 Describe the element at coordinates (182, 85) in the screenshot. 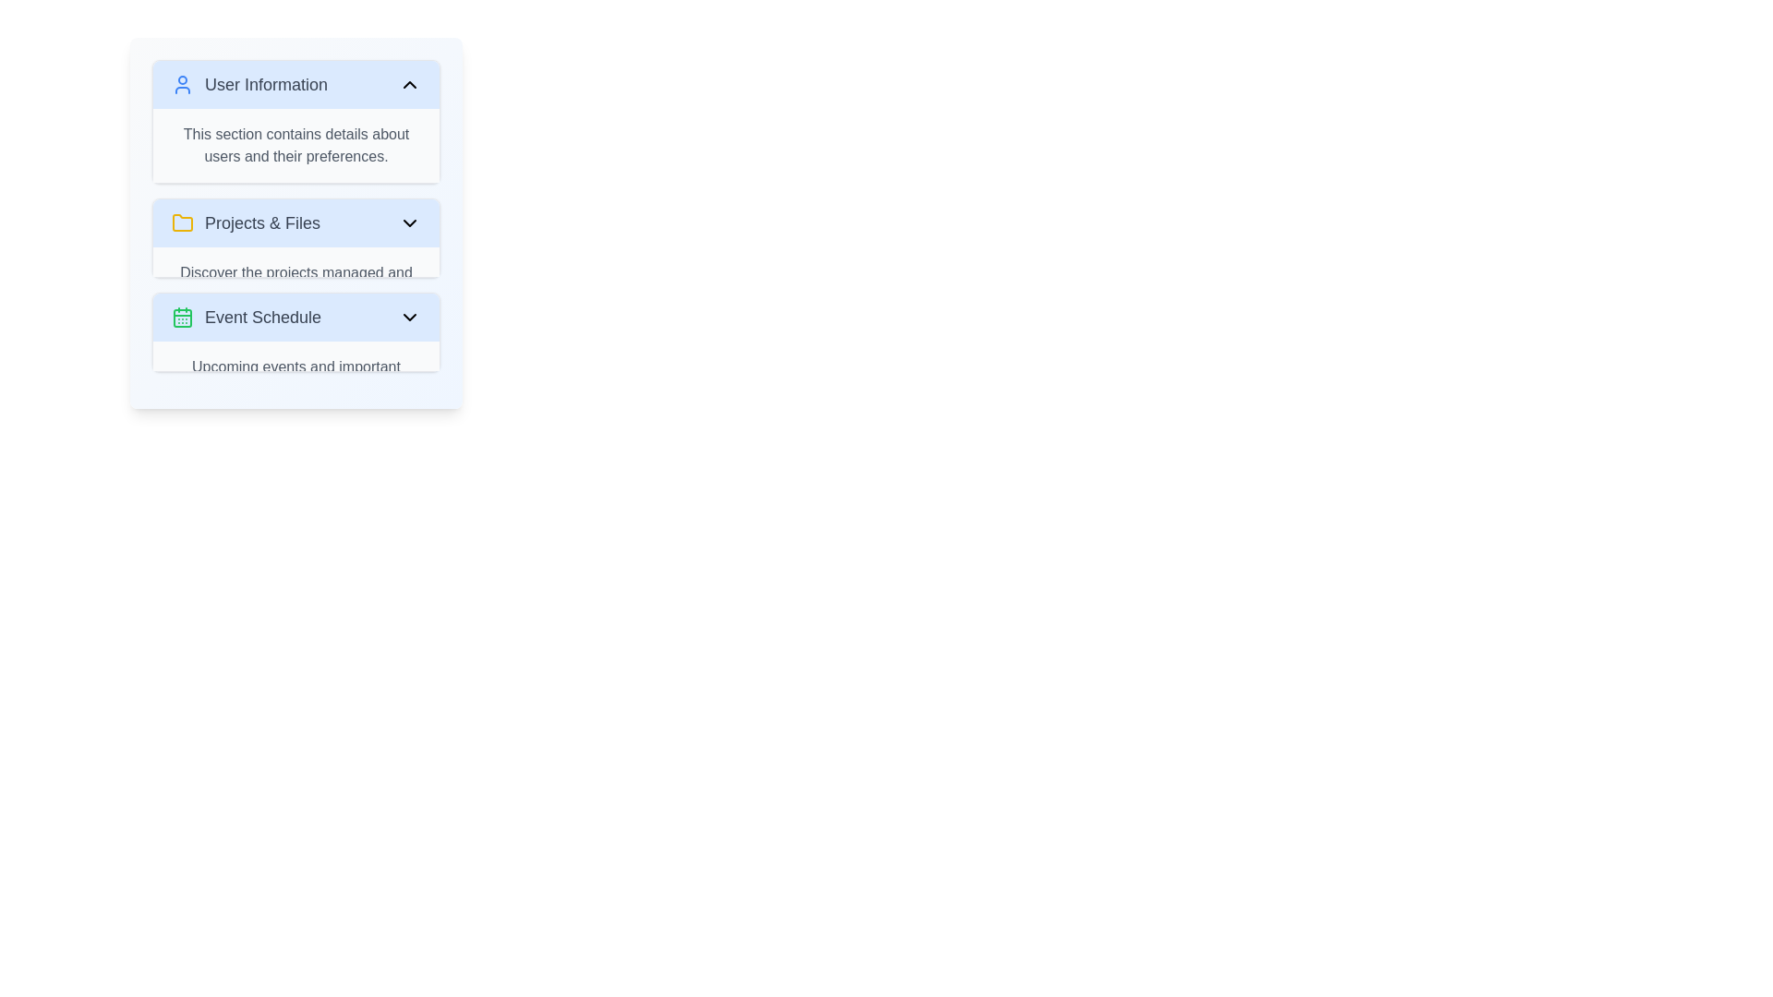

I see `the blue-colored user silhouette icon located to the left of the 'User Information' text in the first section of the interface` at that location.